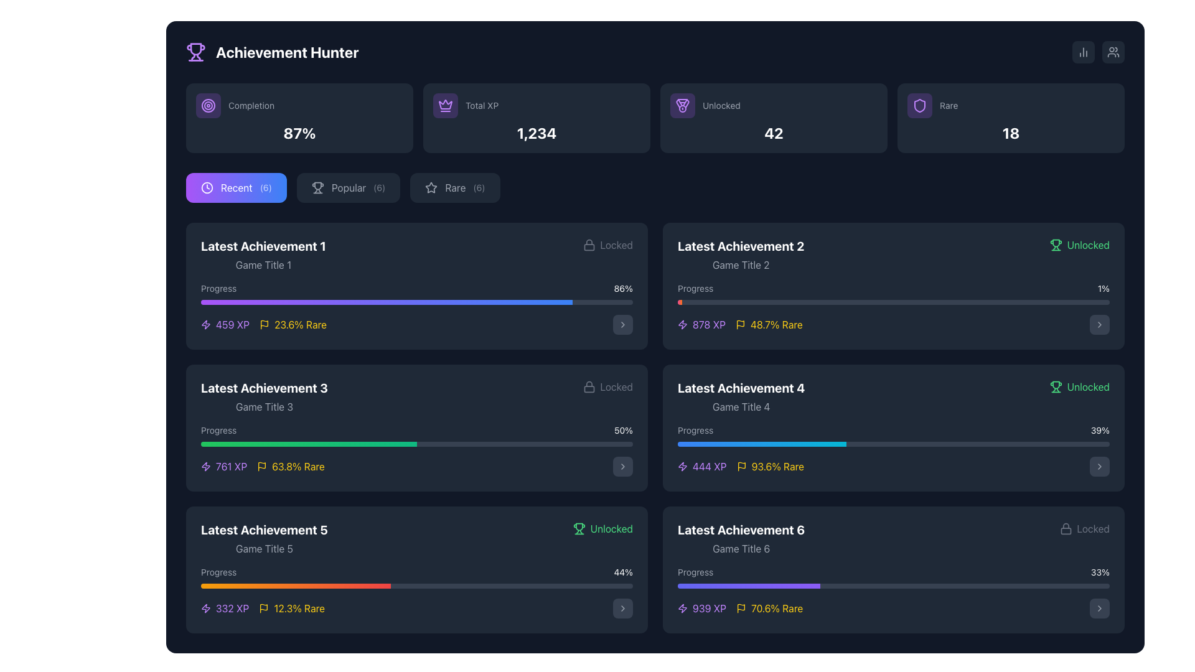  I want to click on the 'Latest Achievement 5' icon and label combination that indicates an unlocked achievement, located on the right end of the section, so click(602, 528).